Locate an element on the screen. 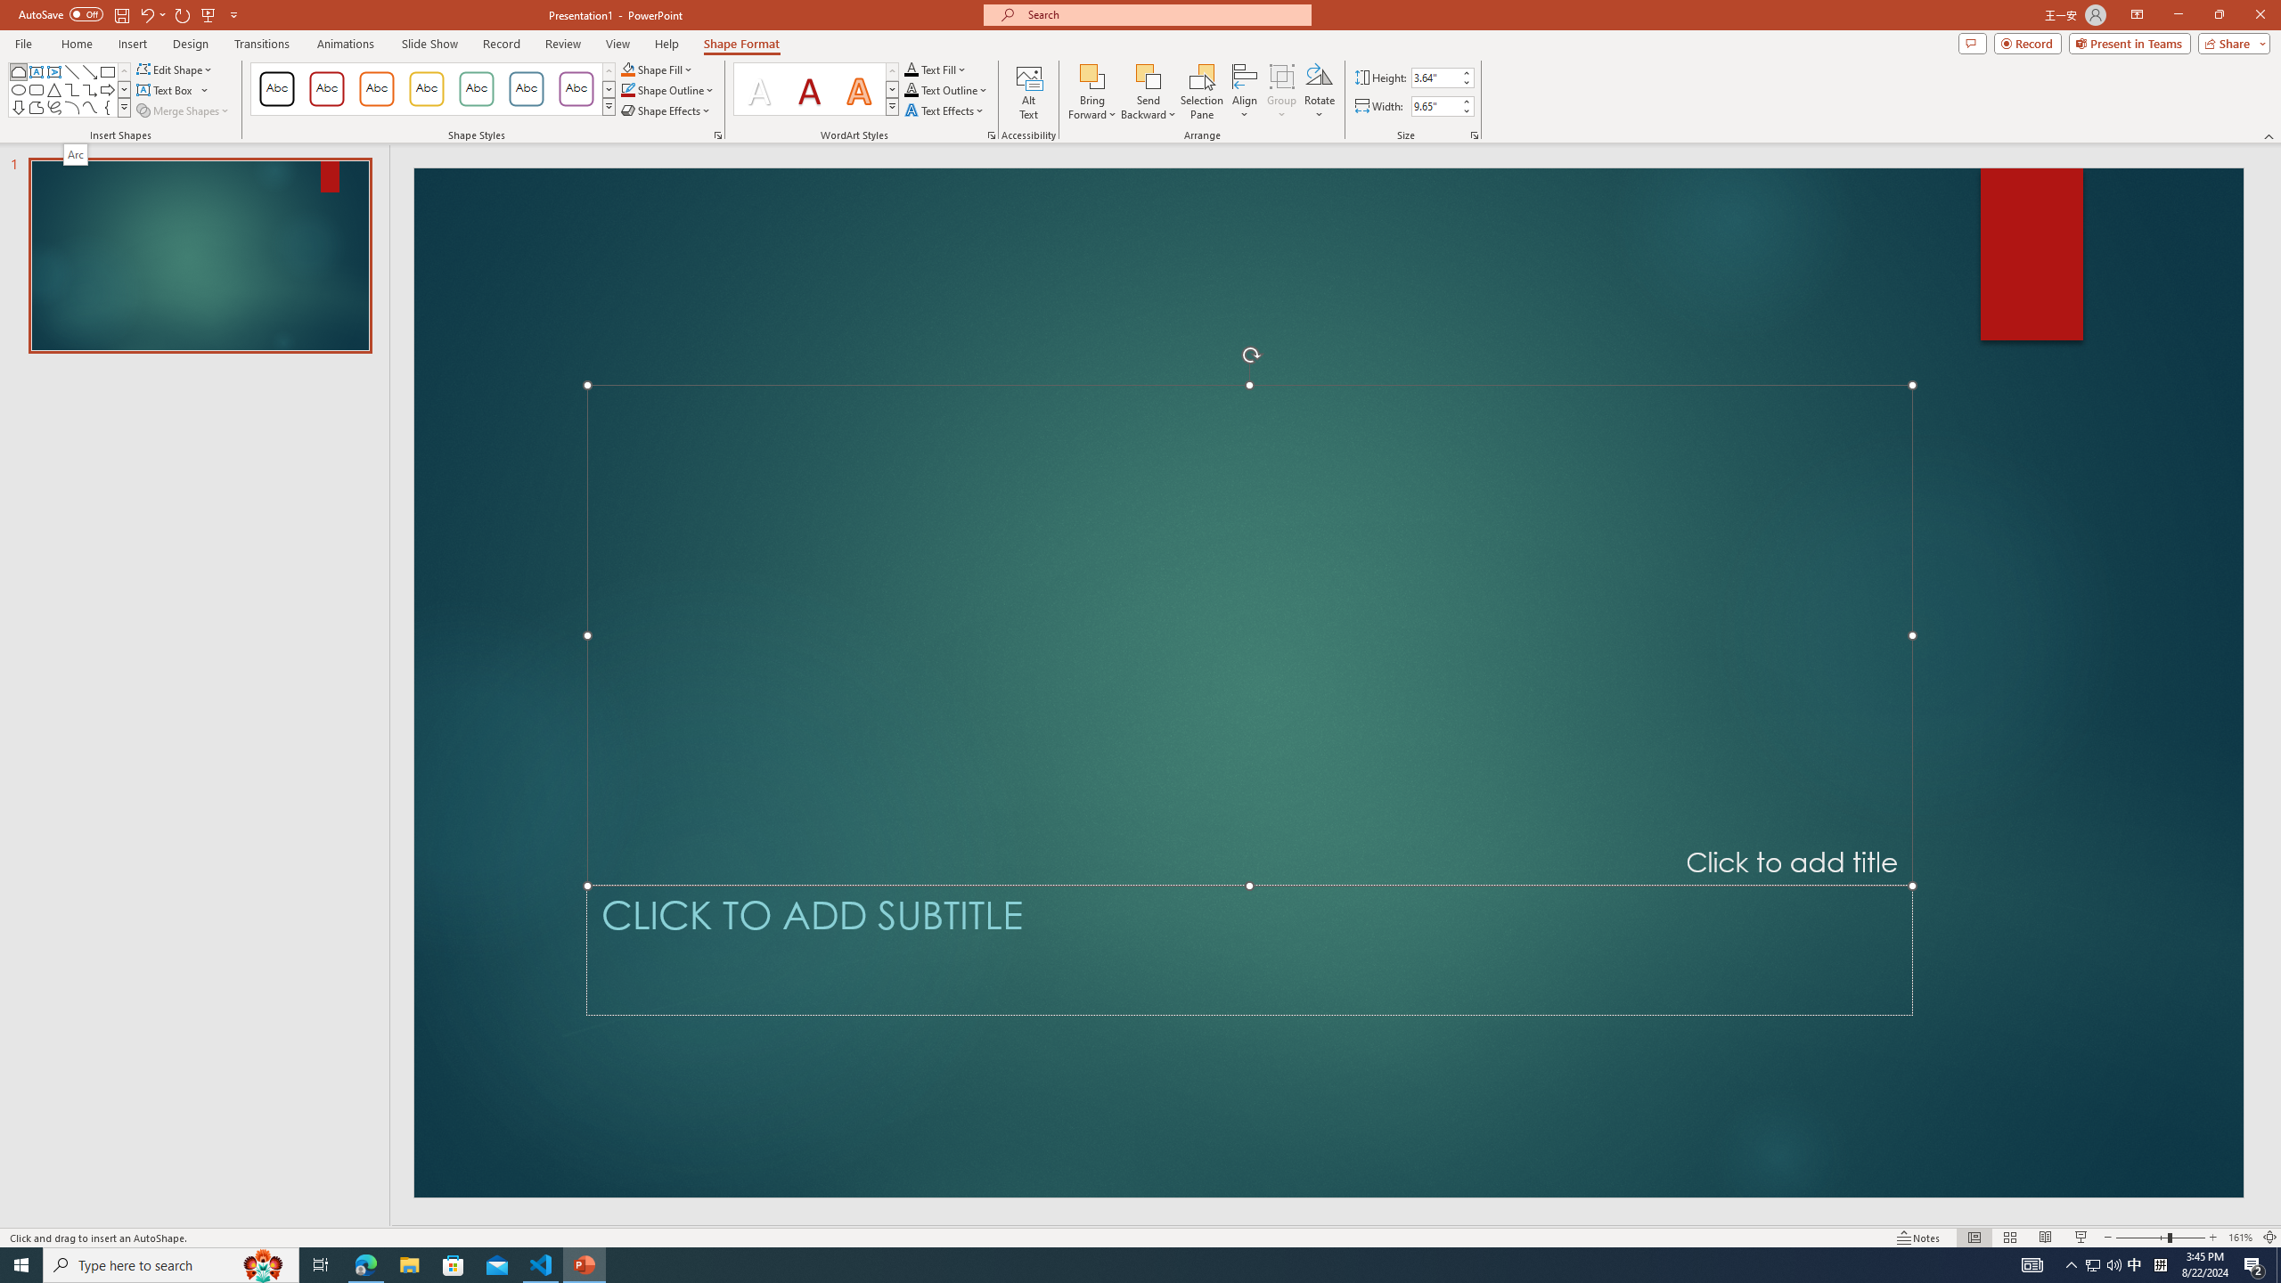 The height and width of the screenshot is (1283, 2281). 'Colored Outline - Dark Red, Accent 1' is located at coordinates (326, 88).